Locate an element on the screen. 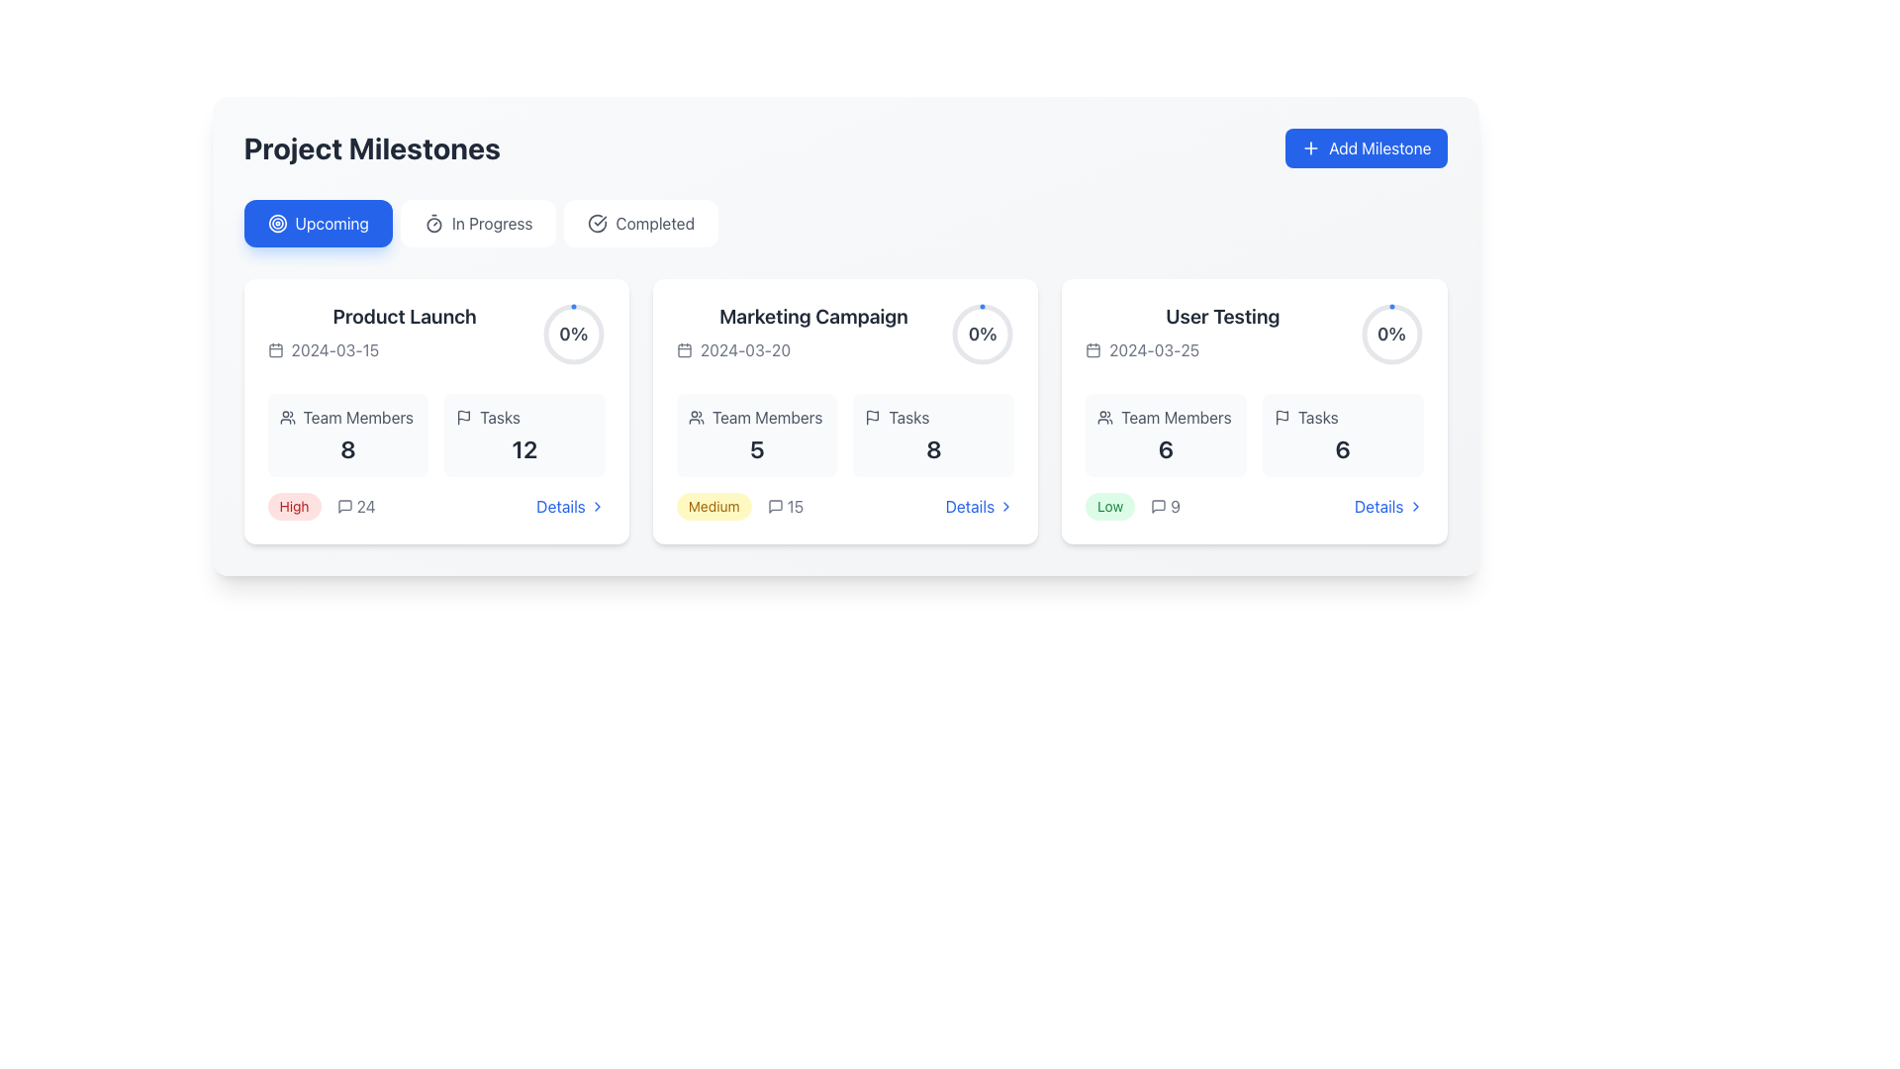 The height and width of the screenshot is (1069, 1900). the 'Completed' button, which is a rectangular button with rounded corners, white background, gray text, and a checkmark icon, located below the 'Project Milestones' heading is located at coordinates (641, 223).